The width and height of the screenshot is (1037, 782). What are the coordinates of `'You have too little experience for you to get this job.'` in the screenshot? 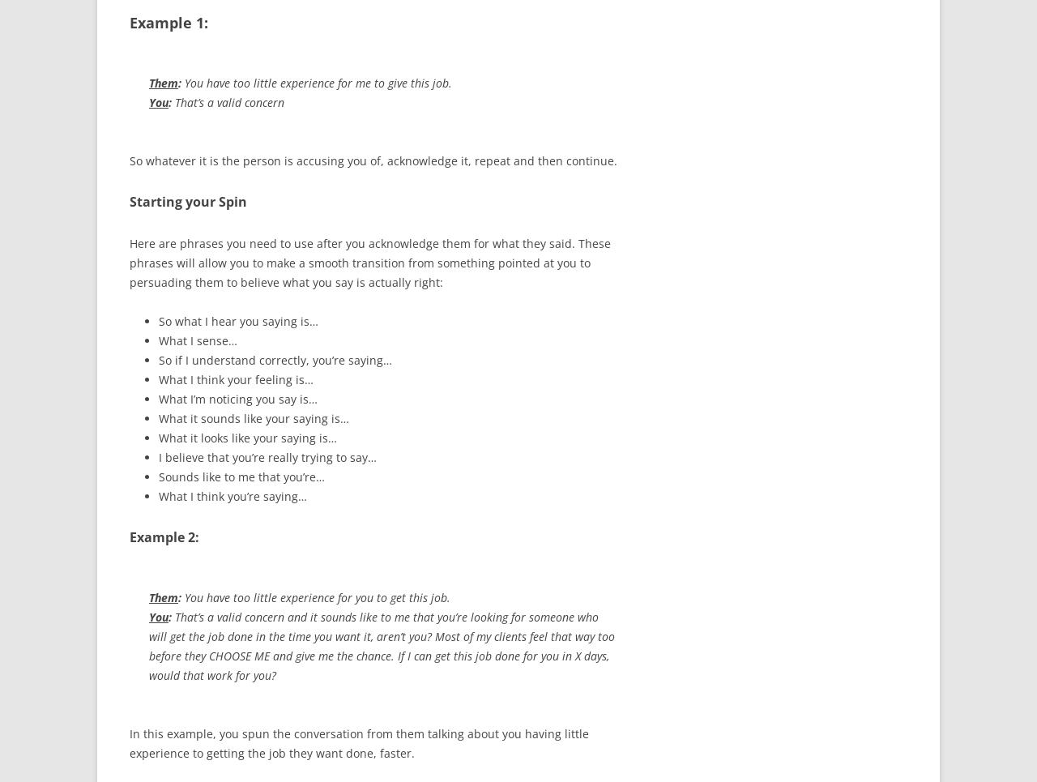 It's located at (316, 597).